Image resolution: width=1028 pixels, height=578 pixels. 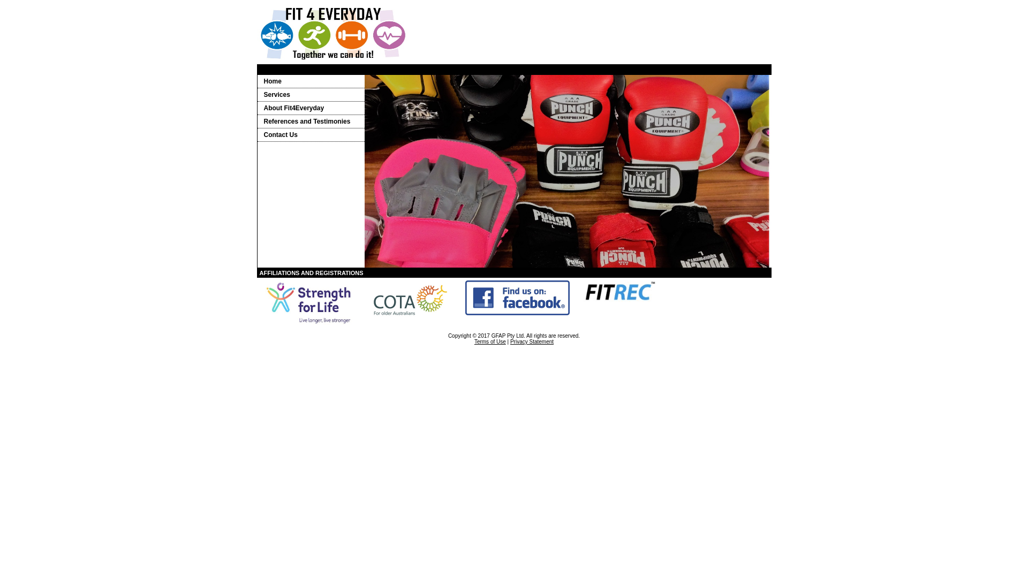 I want to click on 'Privacy Statement', so click(x=532, y=341).